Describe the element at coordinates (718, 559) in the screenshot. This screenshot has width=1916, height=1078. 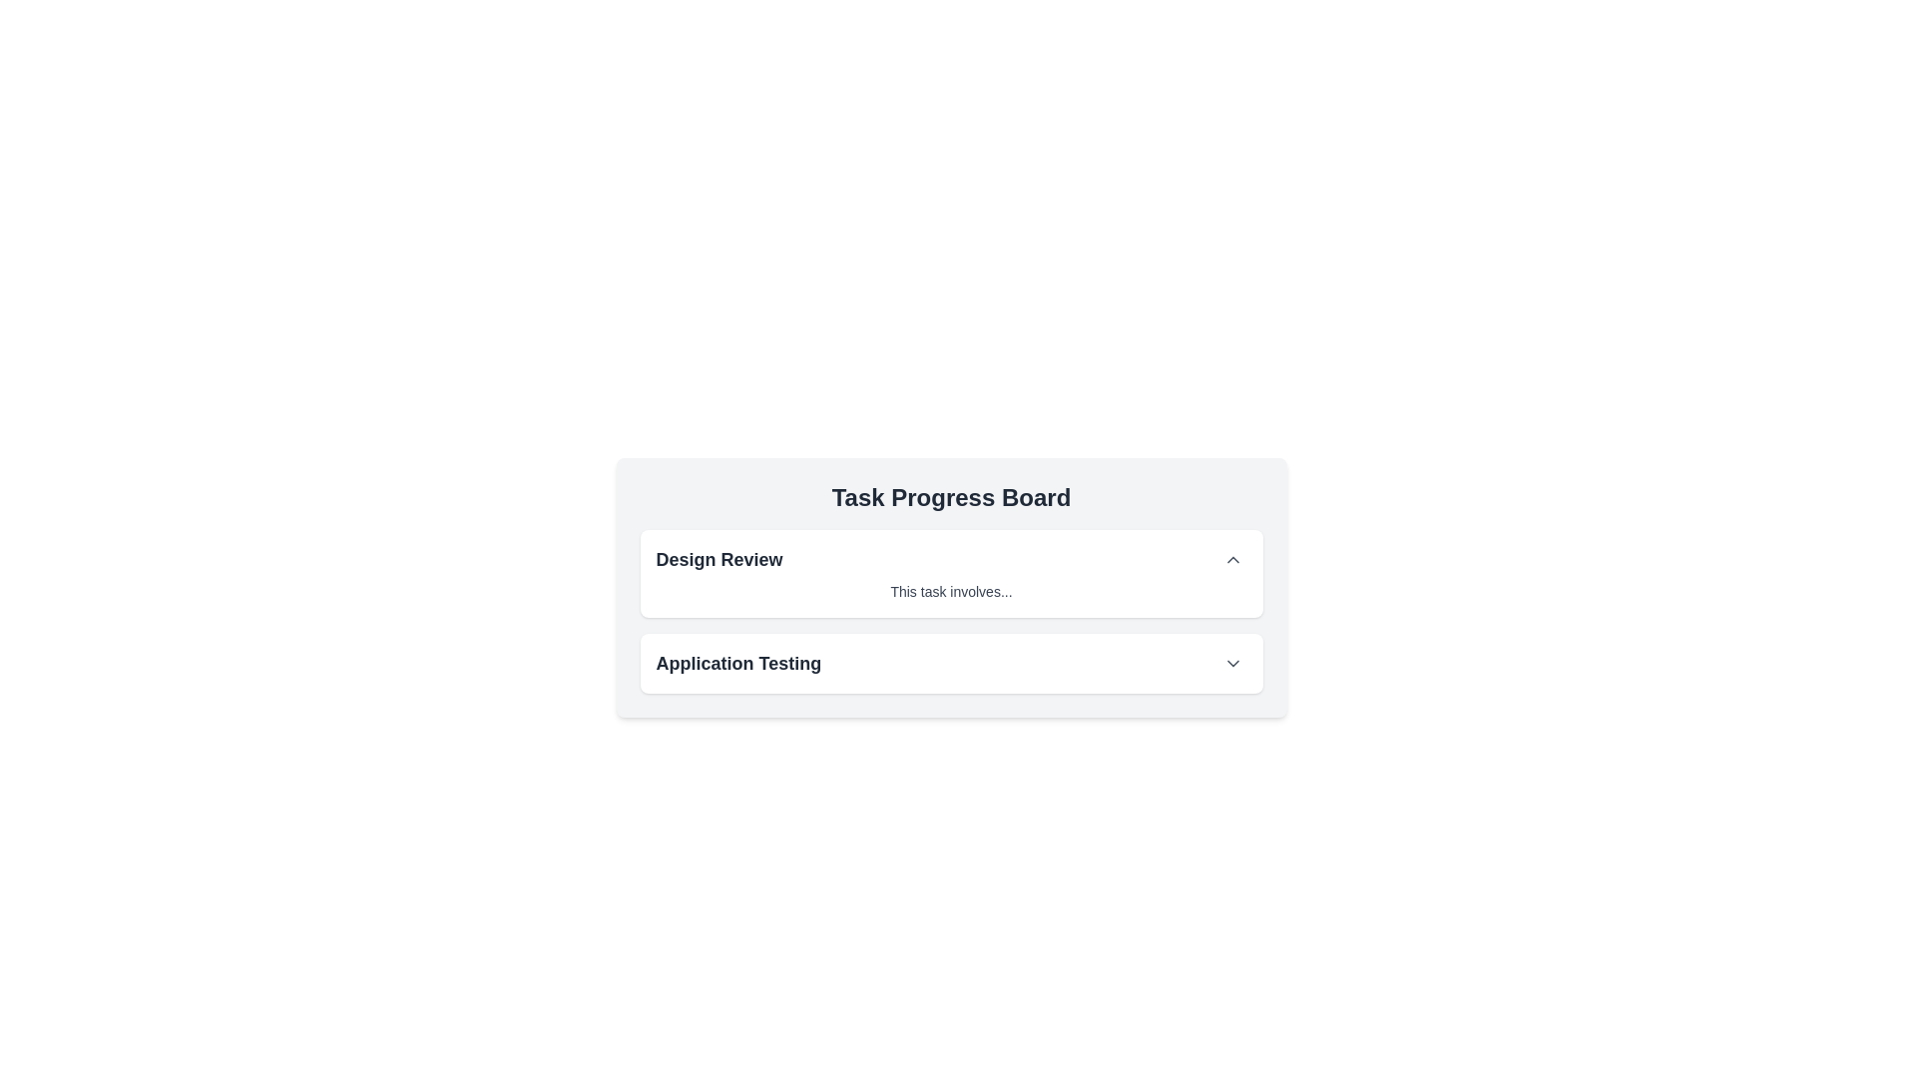
I see `the 'Design Review' text label` at that location.